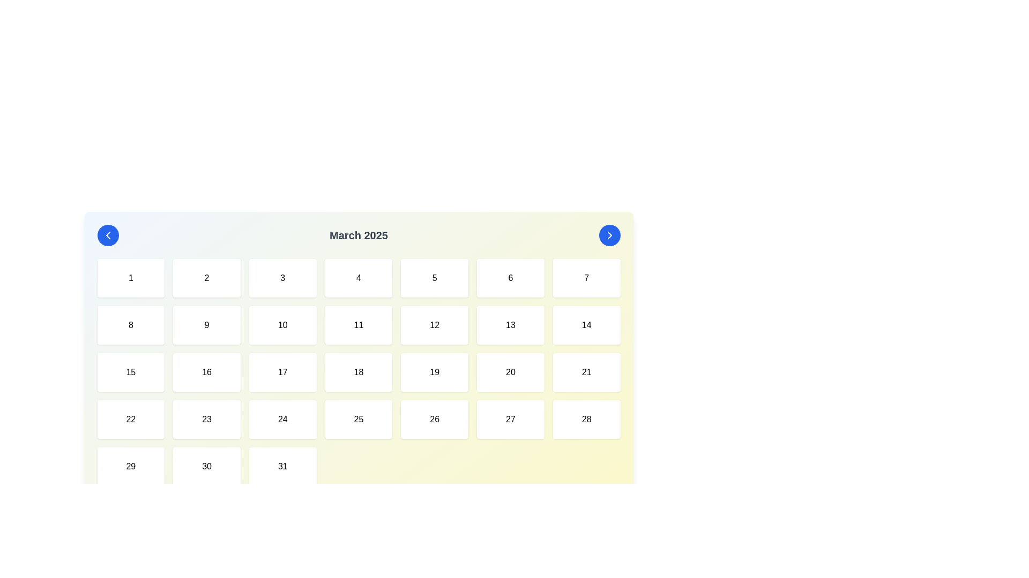 This screenshot has height=578, width=1029. What do you see at coordinates (586, 278) in the screenshot?
I see `the square-shaped clickable calendar day box displaying the number '7' with a white background and rounded corners` at bounding box center [586, 278].